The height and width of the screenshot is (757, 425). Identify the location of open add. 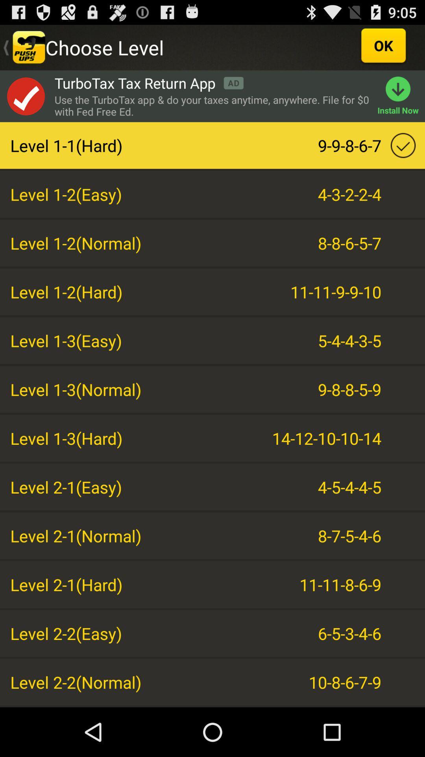
(25, 96).